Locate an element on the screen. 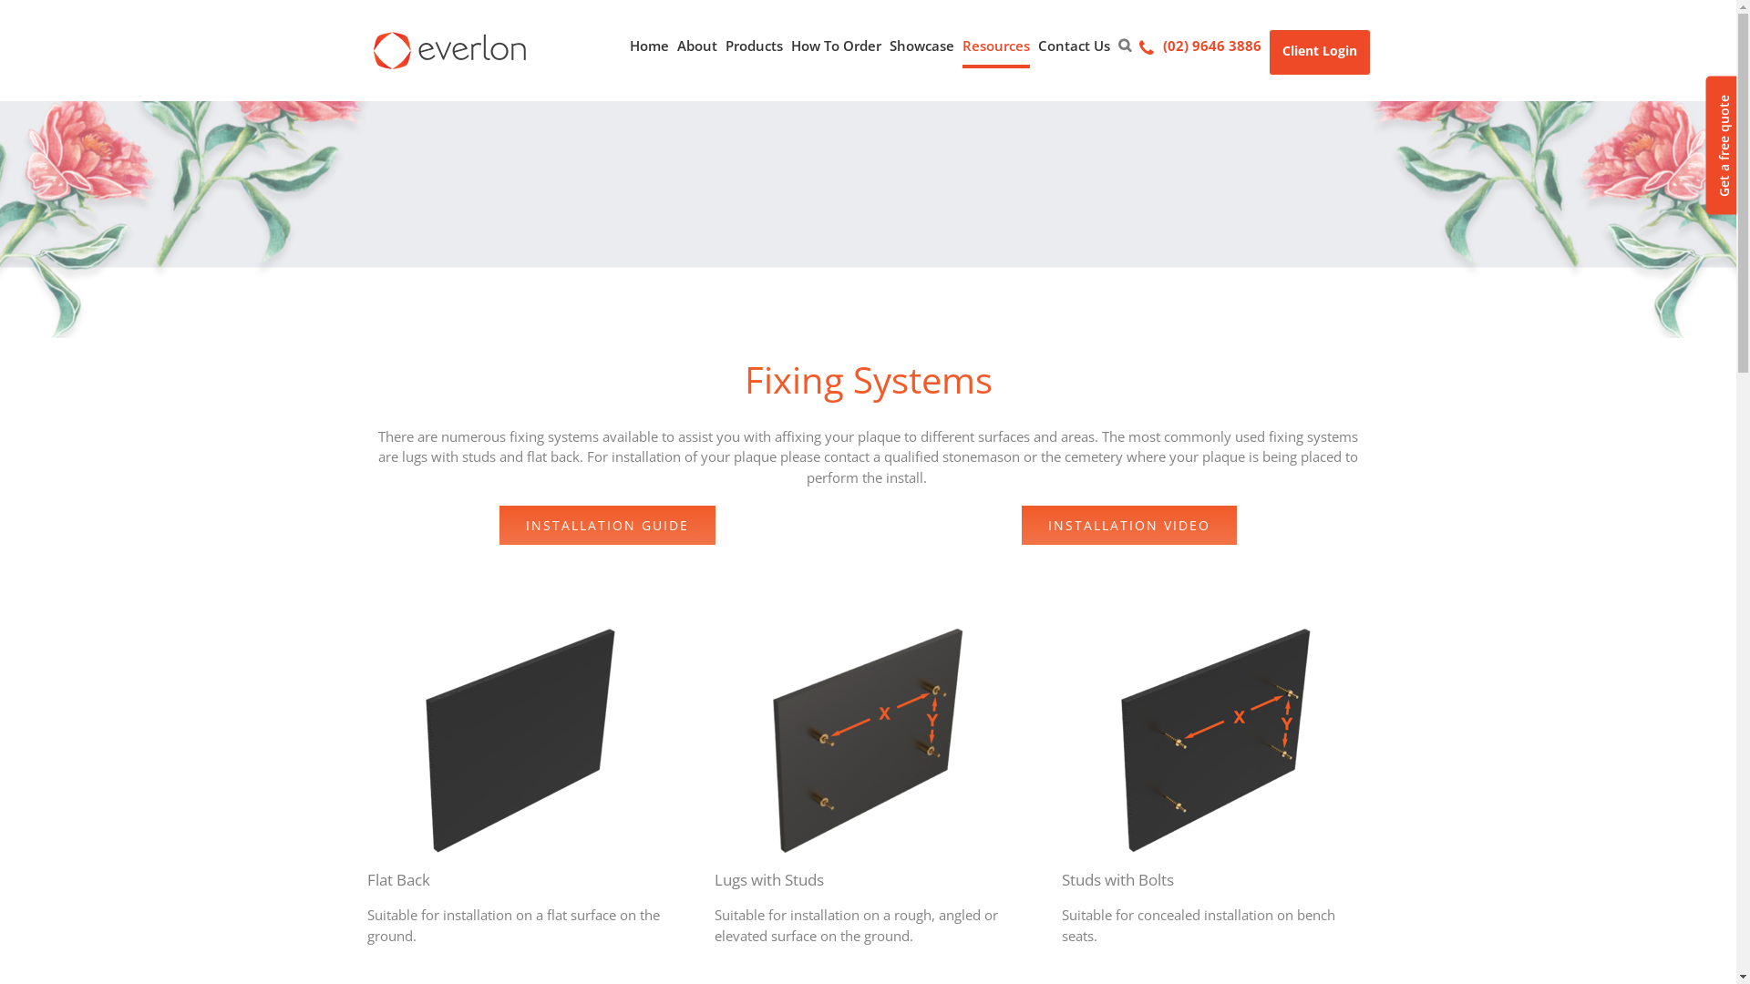  'About' is located at coordinates (695, 46).